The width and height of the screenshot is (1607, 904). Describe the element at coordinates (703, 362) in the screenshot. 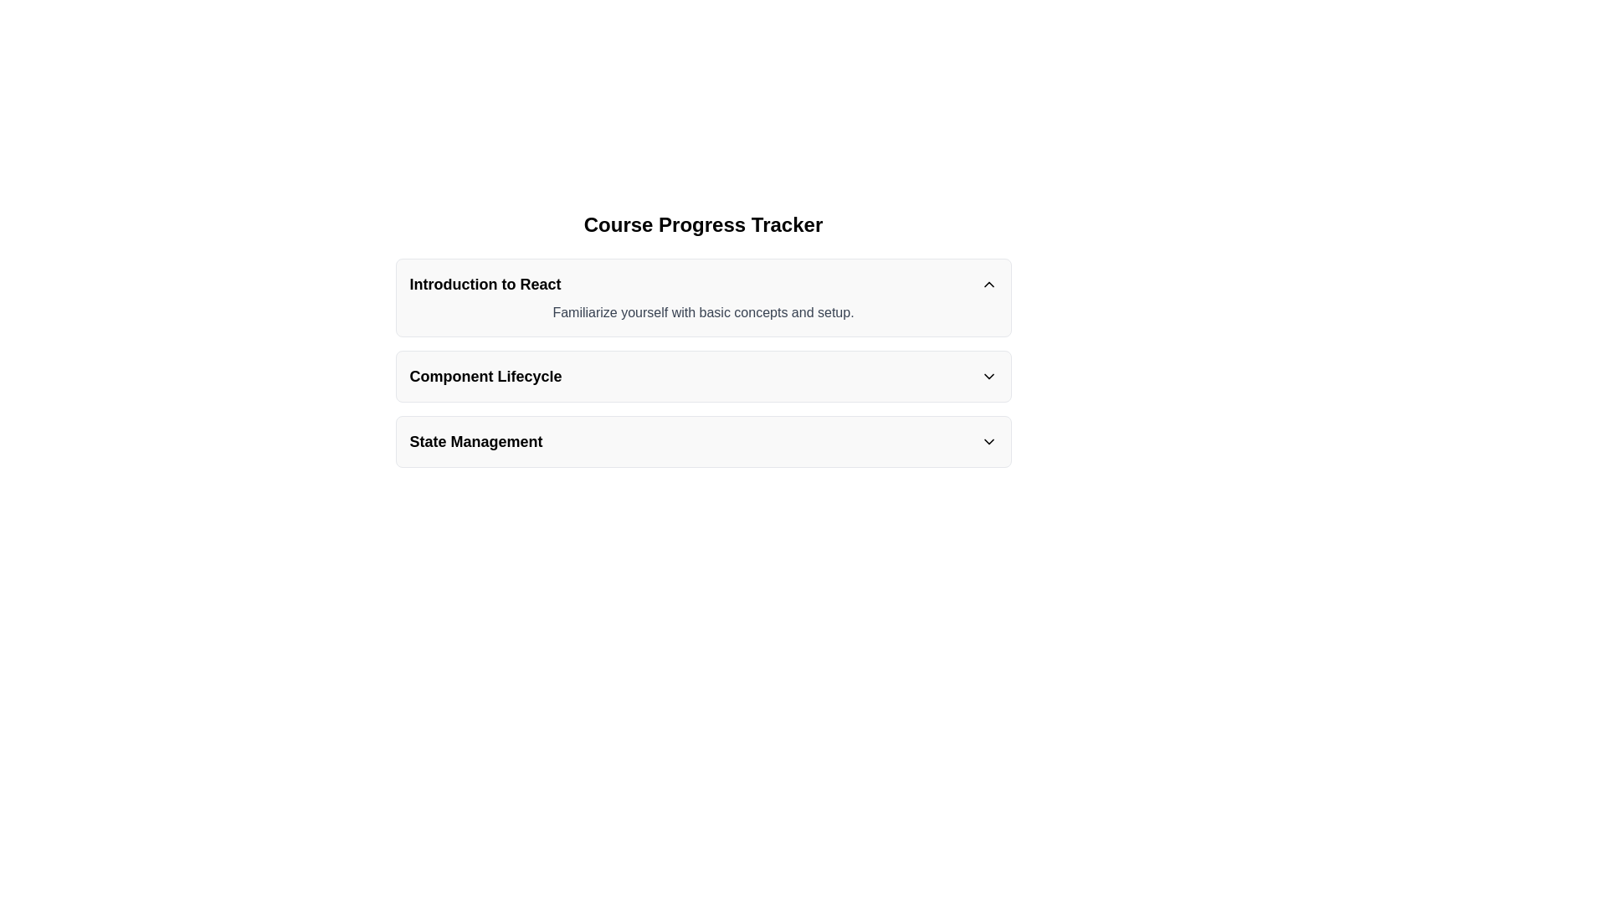

I see `the second collapsible panel titled 'Component Lifecycle' which contains a bold title and description` at that location.